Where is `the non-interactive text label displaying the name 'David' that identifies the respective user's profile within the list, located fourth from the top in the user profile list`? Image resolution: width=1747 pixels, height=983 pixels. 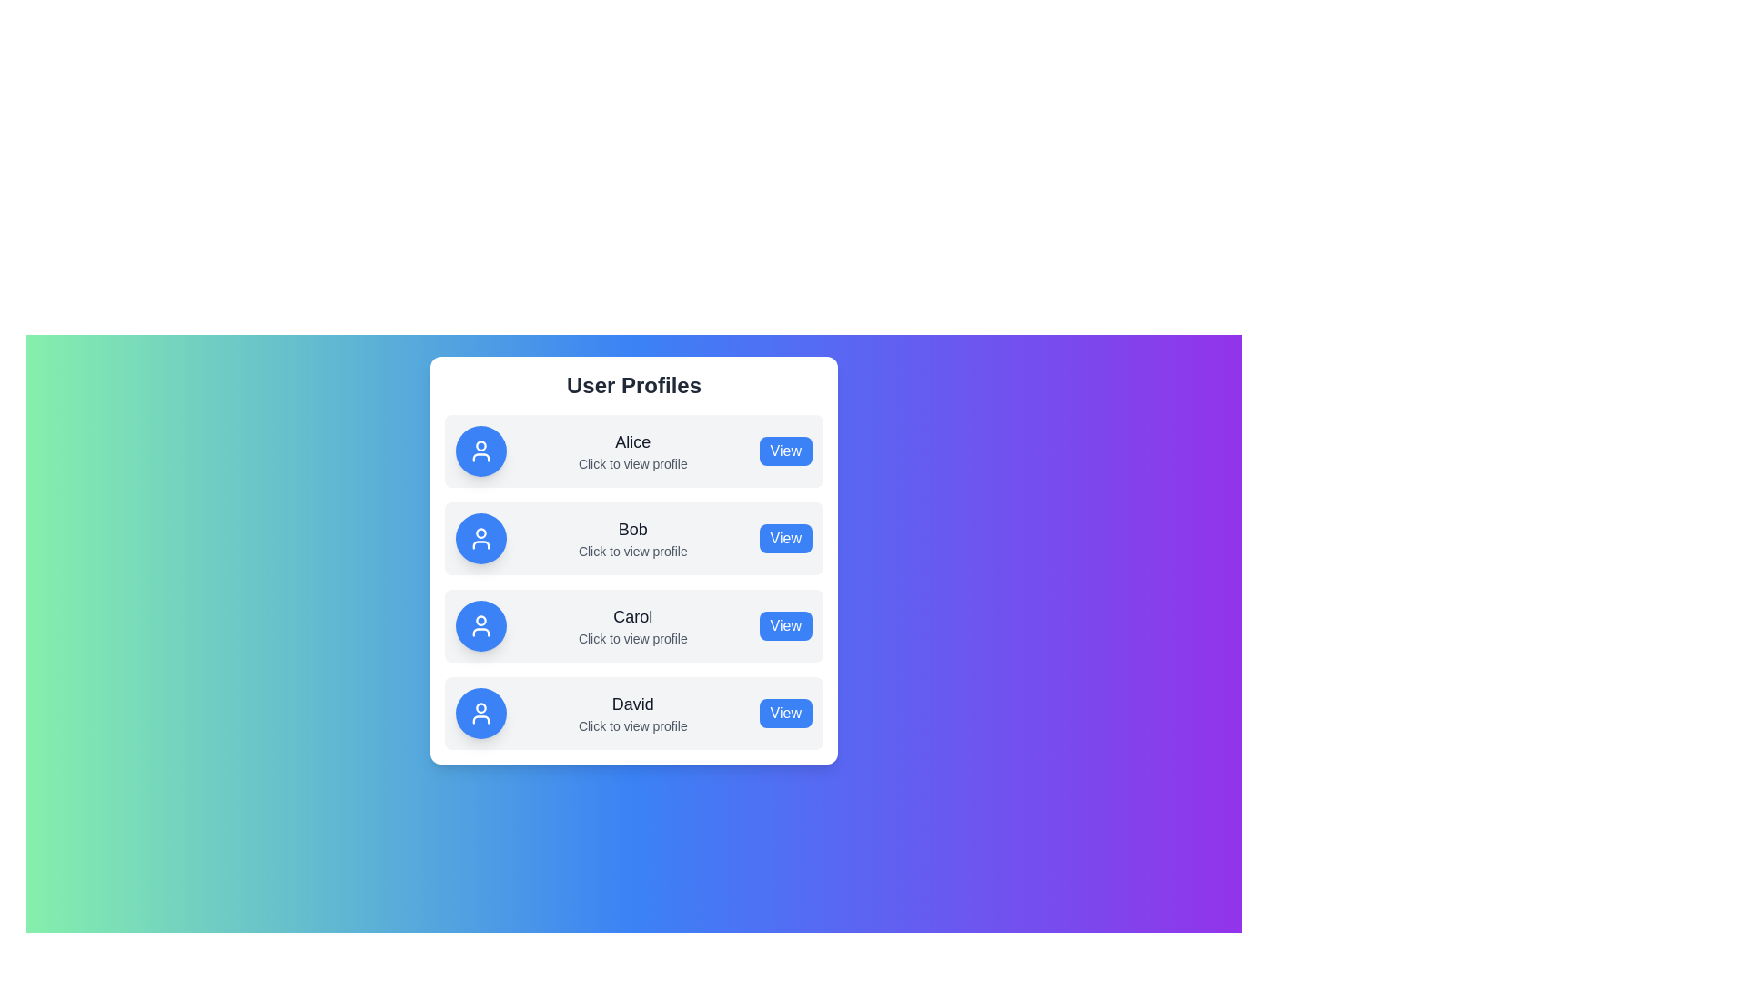 the non-interactive text label displaying the name 'David' that identifies the respective user's profile within the list, located fourth from the top in the user profile list is located at coordinates (632, 704).